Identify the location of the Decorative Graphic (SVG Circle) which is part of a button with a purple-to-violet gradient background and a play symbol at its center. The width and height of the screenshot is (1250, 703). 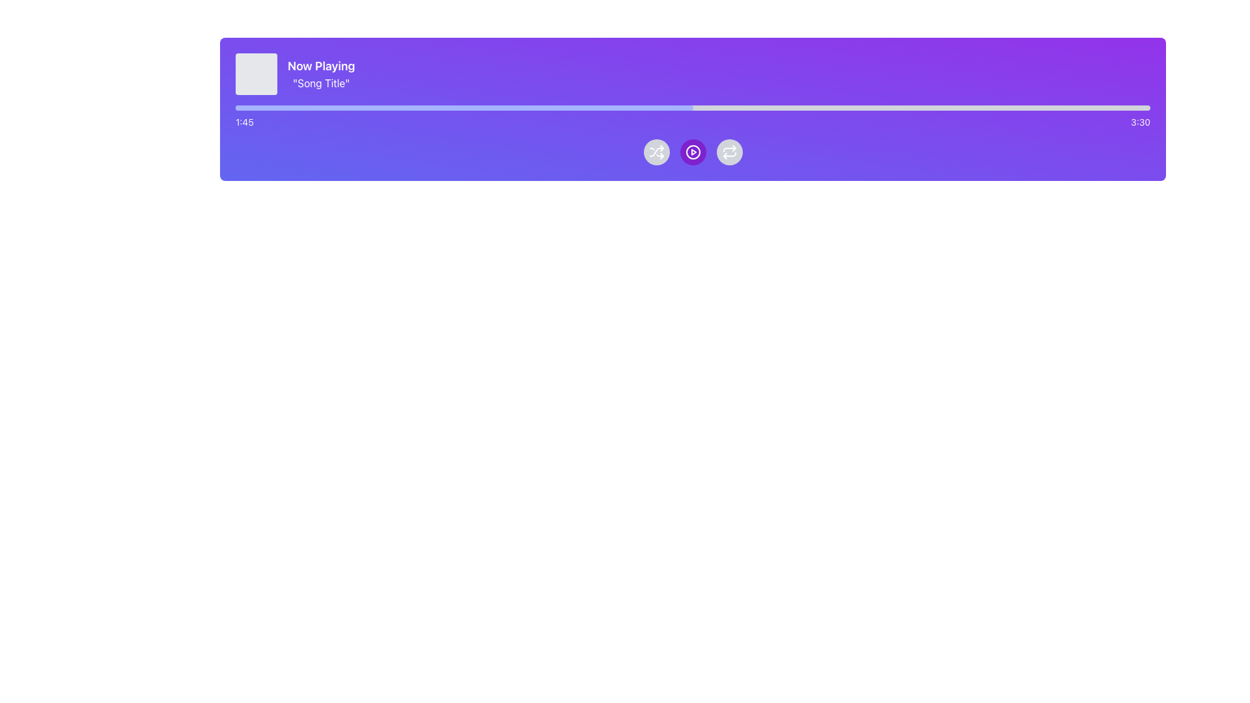
(692, 152).